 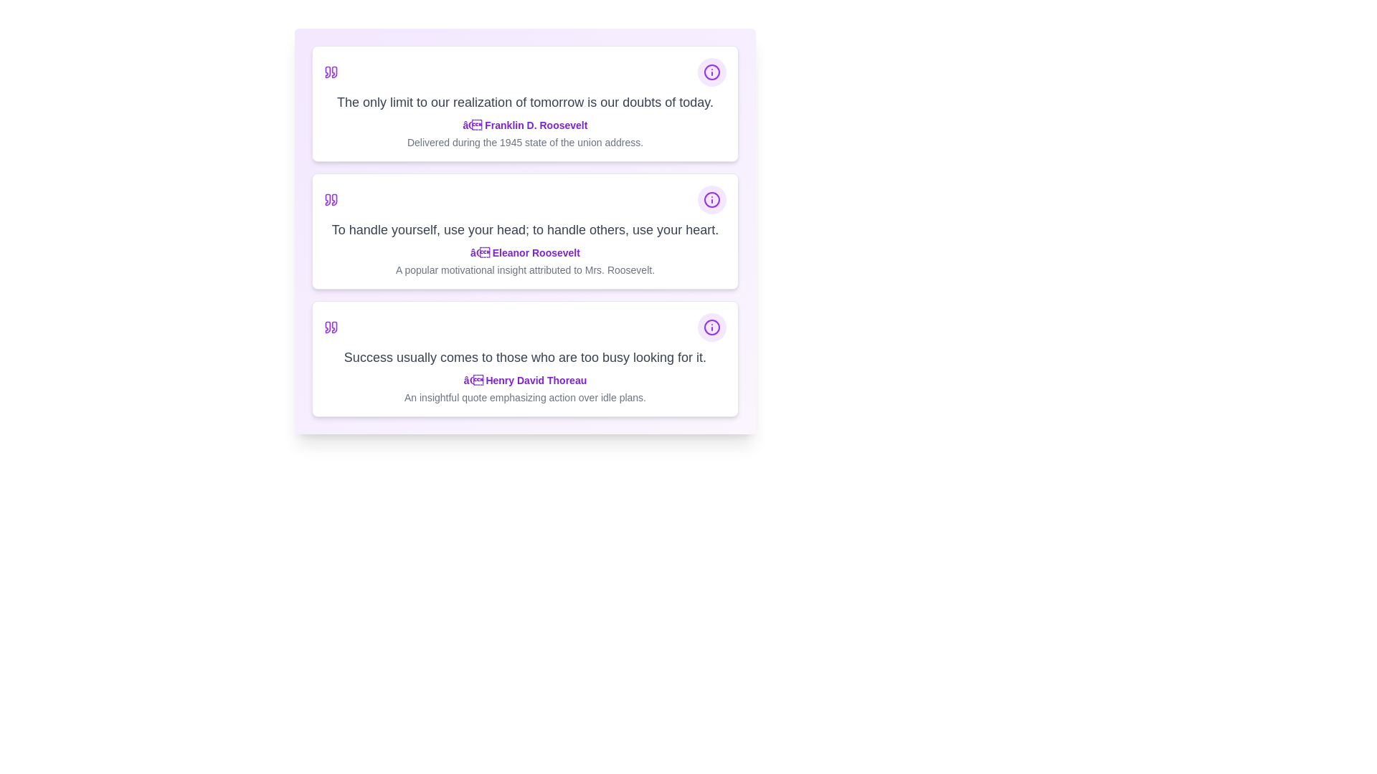 What do you see at coordinates (327, 199) in the screenshot?
I see `the decorative icon indicating quoted text located in the top left corner of the middle card in a vertical stack of three cards` at bounding box center [327, 199].